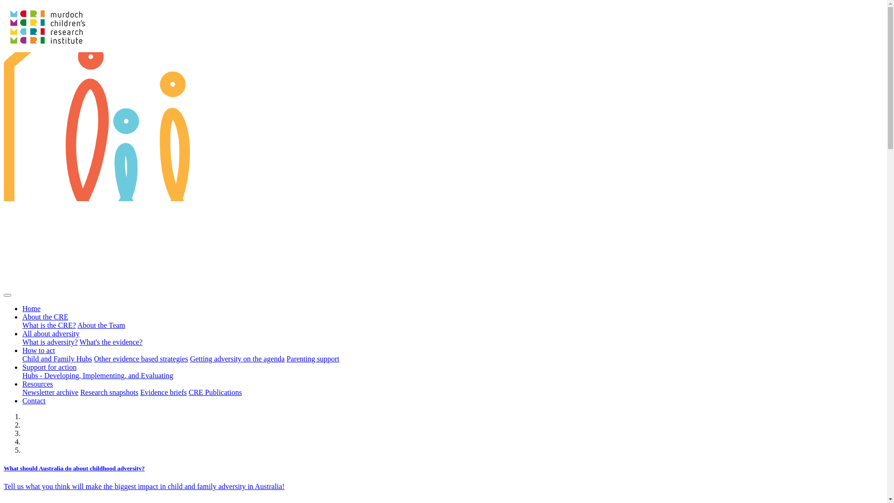 The width and height of the screenshot is (894, 503). I want to click on 'Support for action', so click(48, 367).